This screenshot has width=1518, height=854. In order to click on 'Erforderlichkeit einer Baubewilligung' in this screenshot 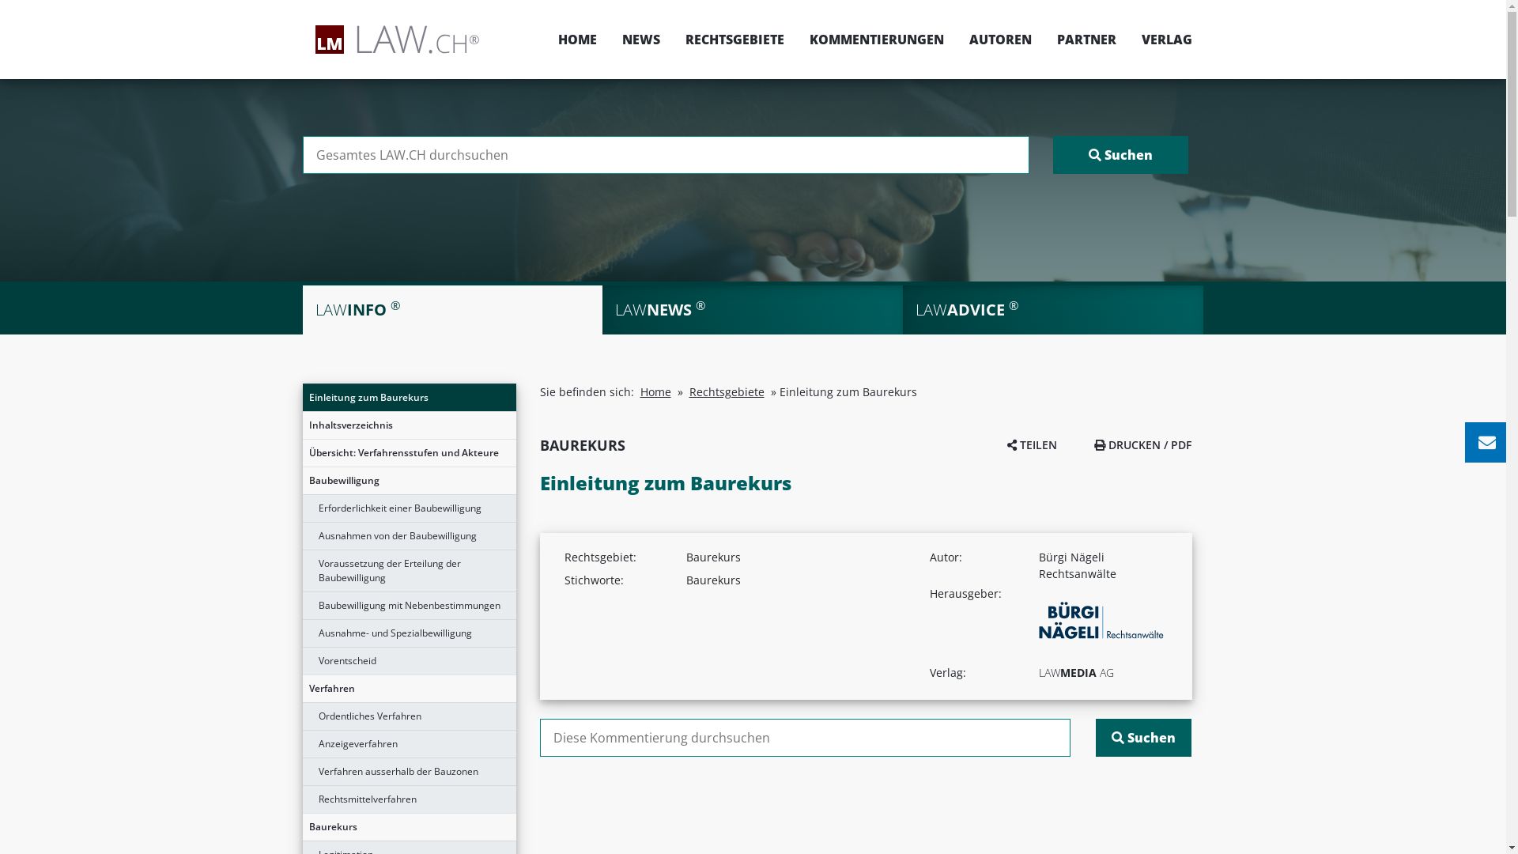, I will do `click(409, 508)`.